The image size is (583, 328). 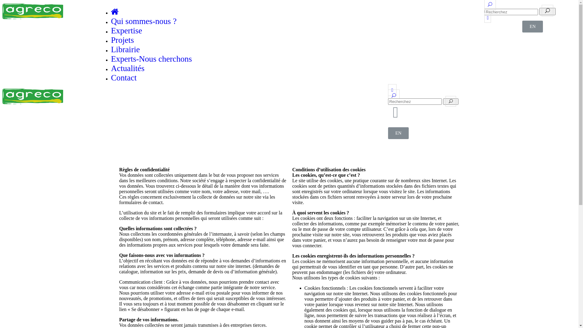 I want to click on 'Librairie', so click(x=125, y=49).